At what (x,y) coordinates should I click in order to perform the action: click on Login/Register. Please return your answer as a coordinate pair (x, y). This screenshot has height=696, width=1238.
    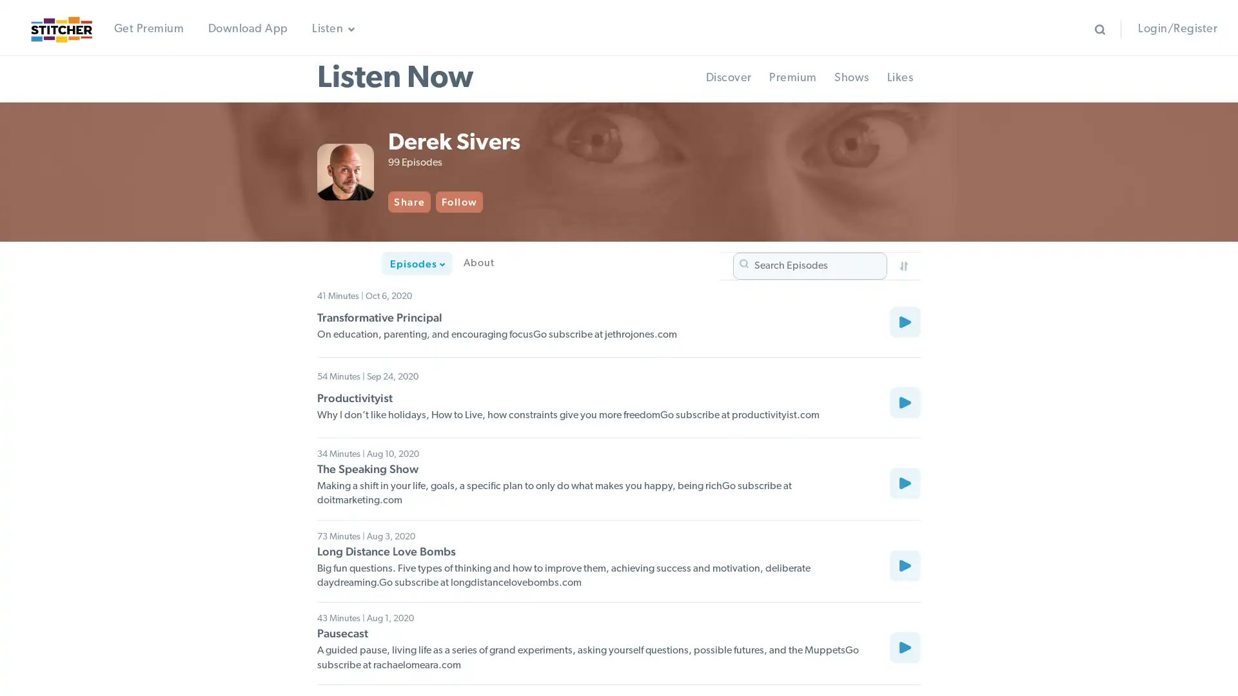
    Looking at the image, I should click on (1177, 29).